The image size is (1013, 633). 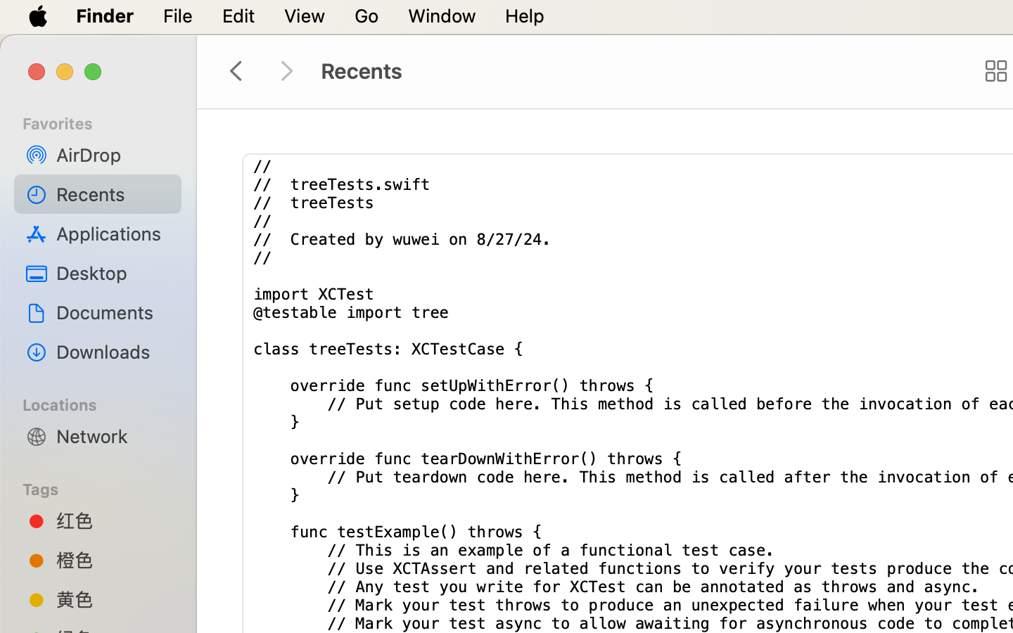 What do you see at coordinates (112, 559) in the screenshot?
I see `'橙色'` at bounding box center [112, 559].